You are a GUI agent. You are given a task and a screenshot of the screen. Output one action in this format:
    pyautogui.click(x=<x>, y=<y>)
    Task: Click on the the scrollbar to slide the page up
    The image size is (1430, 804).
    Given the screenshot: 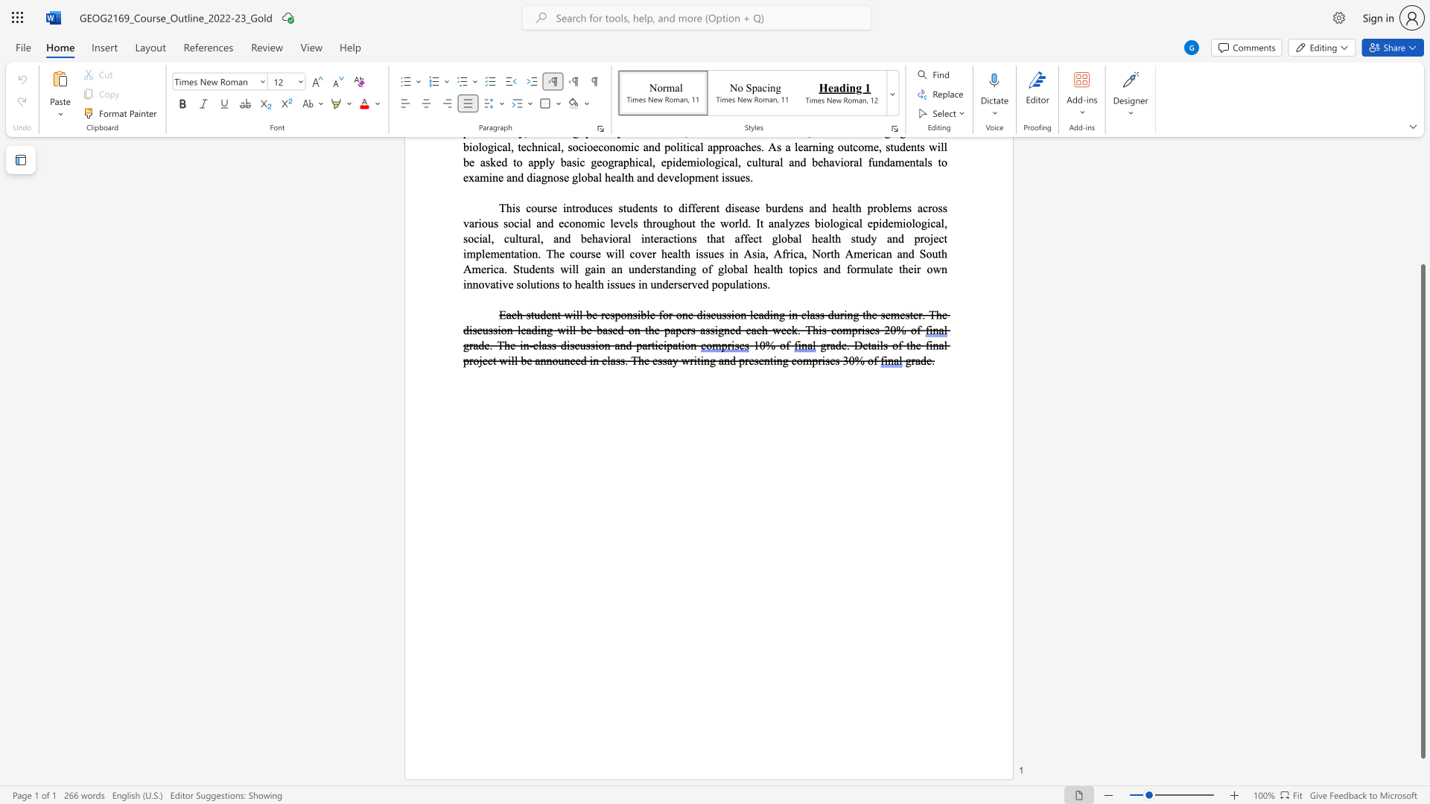 What is the action you would take?
    pyautogui.click(x=1422, y=201)
    